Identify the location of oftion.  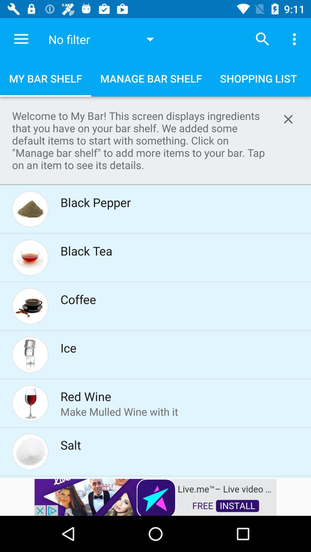
(288, 119).